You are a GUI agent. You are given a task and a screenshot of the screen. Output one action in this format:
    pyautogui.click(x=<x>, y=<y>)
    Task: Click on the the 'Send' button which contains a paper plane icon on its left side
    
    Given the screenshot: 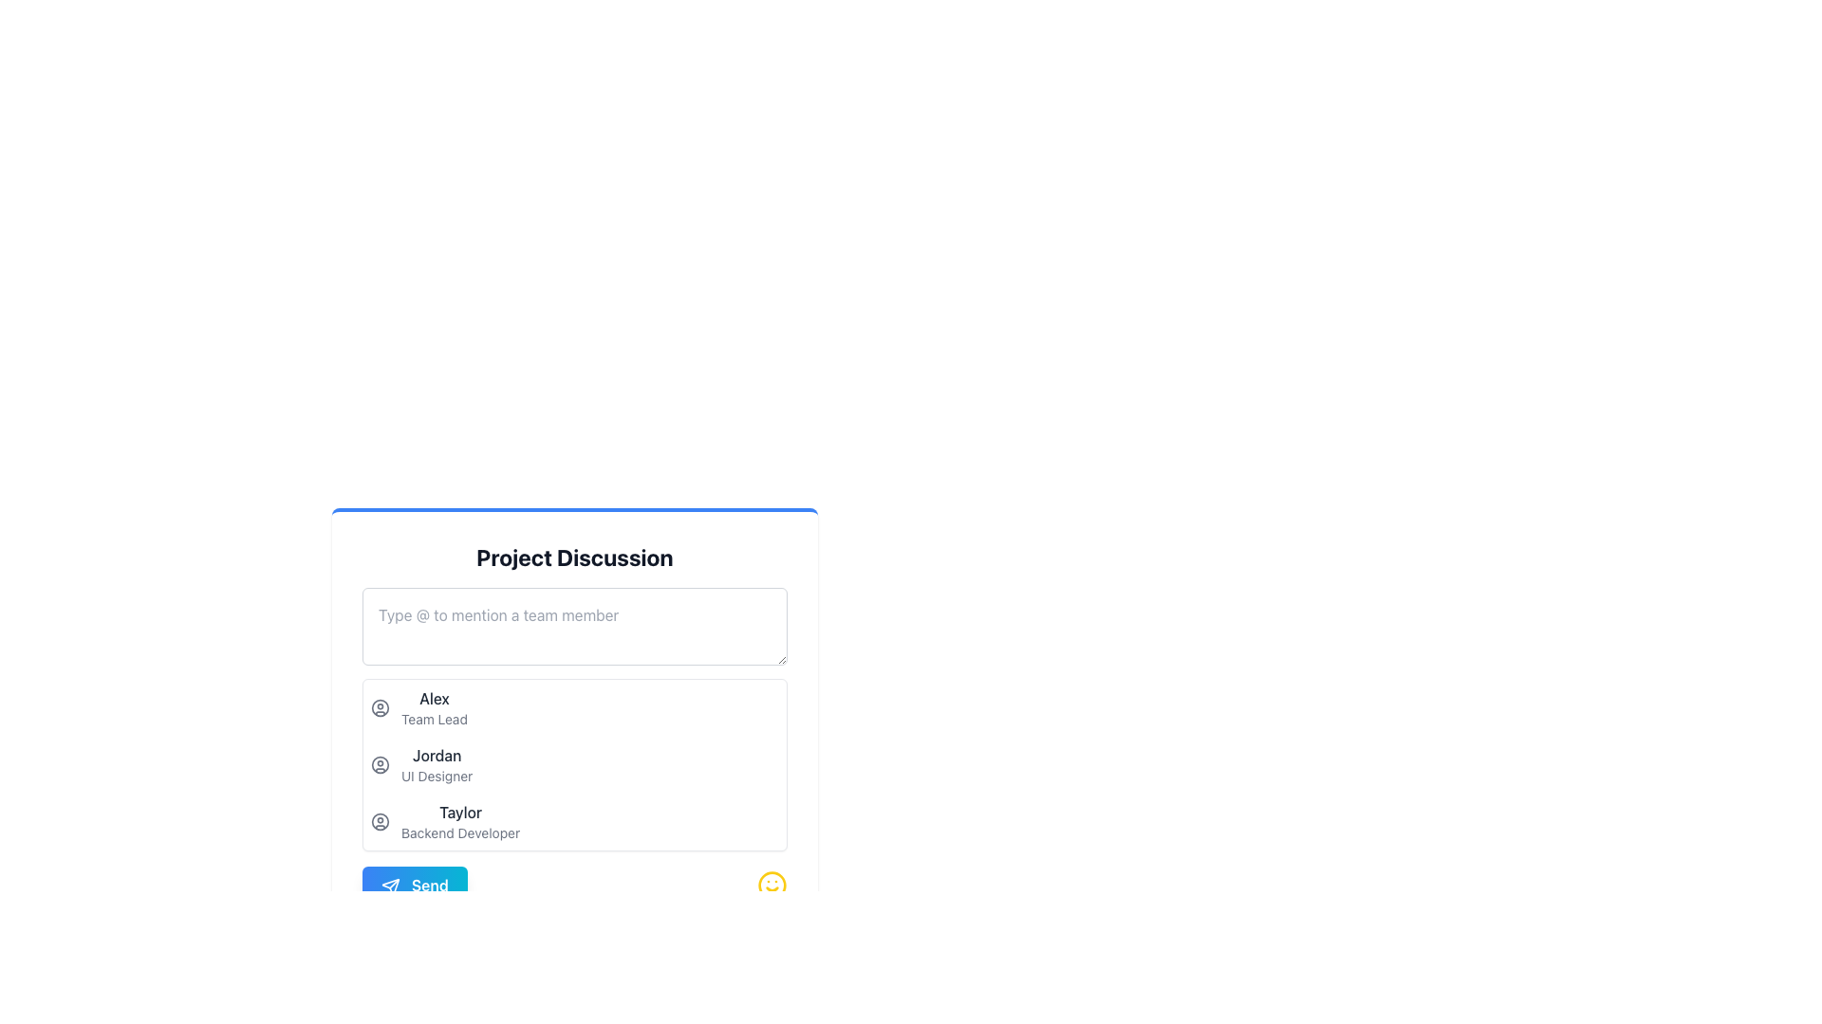 What is the action you would take?
    pyautogui.click(x=390, y=886)
    